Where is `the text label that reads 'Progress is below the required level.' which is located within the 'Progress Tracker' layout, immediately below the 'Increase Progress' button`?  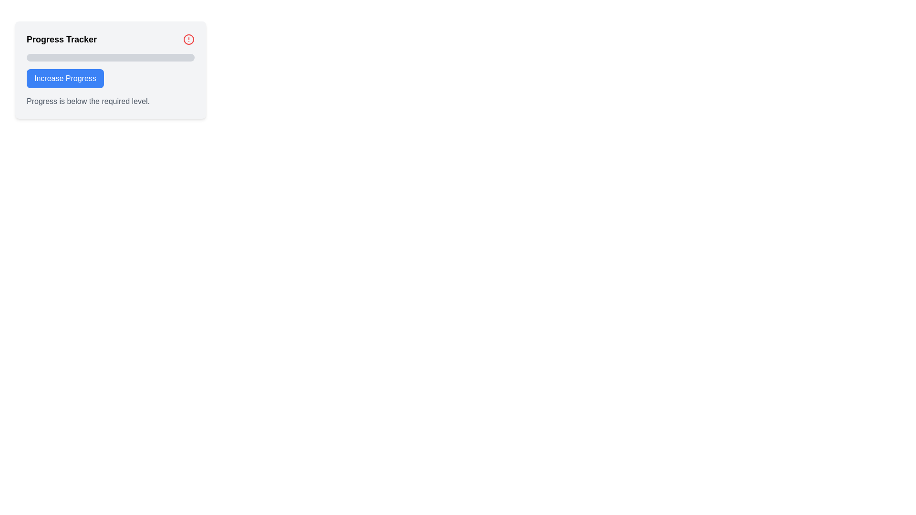 the text label that reads 'Progress is below the required level.' which is located within the 'Progress Tracker' layout, immediately below the 'Increase Progress' button is located at coordinates (88, 101).